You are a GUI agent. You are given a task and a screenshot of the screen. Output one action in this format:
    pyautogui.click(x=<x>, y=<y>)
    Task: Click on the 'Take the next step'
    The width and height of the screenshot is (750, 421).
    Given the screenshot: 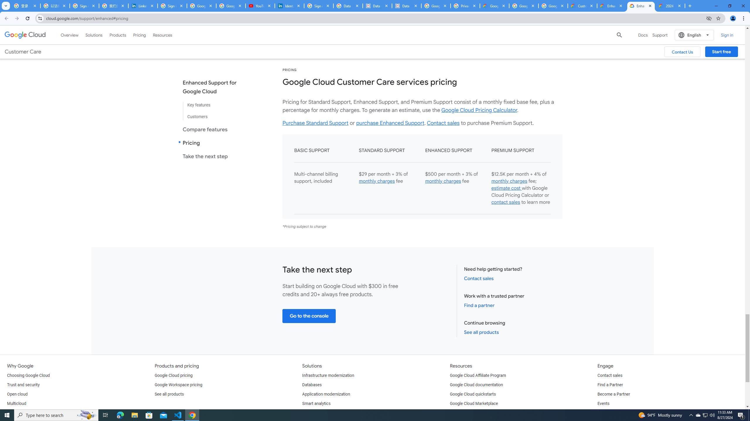 What is the action you would take?
    pyautogui.click(x=214, y=156)
    